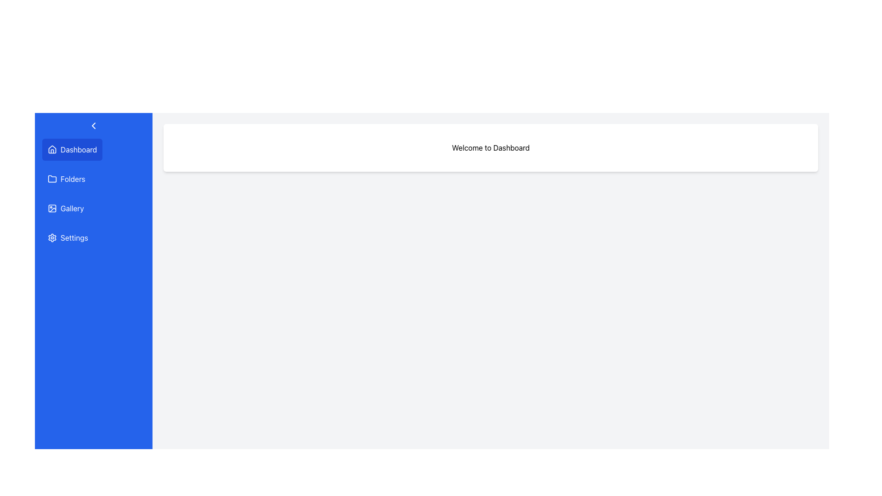 This screenshot has width=882, height=496. What do you see at coordinates (66, 179) in the screenshot?
I see `the 'Folders' button in the vertical navigation menu` at bounding box center [66, 179].